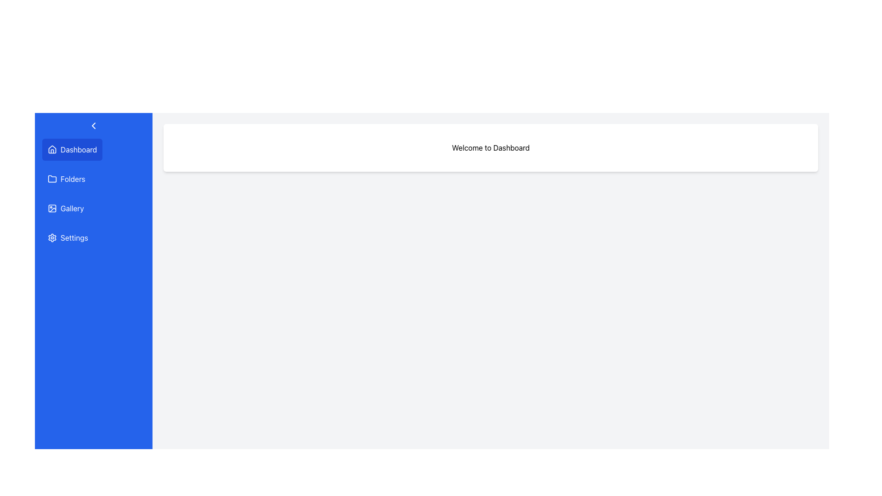 This screenshot has width=882, height=496. What do you see at coordinates (66, 179) in the screenshot?
I see `the 'Folders' button in the vertical navigation menu` at bounding box center [66, 179].